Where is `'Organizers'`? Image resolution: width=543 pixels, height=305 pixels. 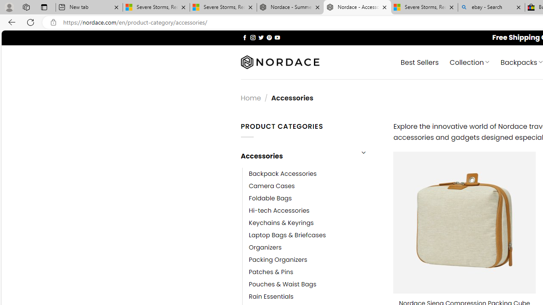 'Organizers' is located at coordinates (265, 248).